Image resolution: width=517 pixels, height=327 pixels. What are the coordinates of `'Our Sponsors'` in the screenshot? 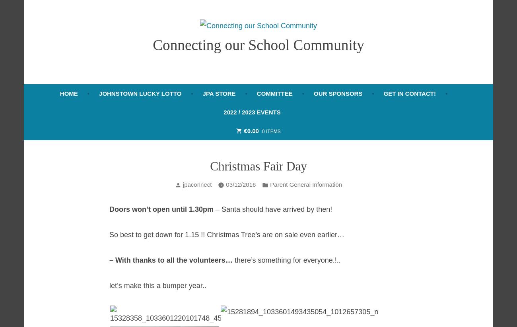 It's located at (338, 93).